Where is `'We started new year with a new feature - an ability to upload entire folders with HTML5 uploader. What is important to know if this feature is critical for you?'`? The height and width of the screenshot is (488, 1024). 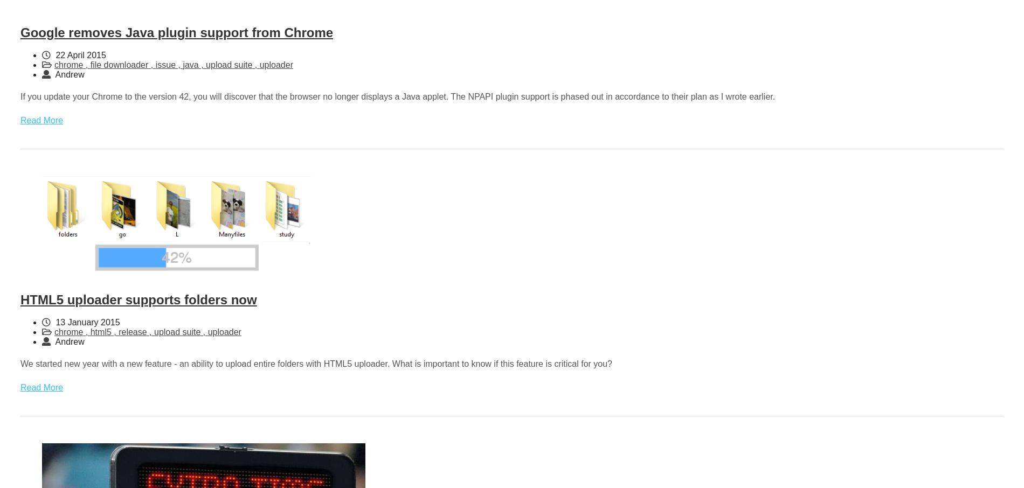 'We started new year with a new feature - an ability to upload entire folders with HTML5 uploader. What is important to know if this feature is critical for you?' is located at coordinates (316, 363).